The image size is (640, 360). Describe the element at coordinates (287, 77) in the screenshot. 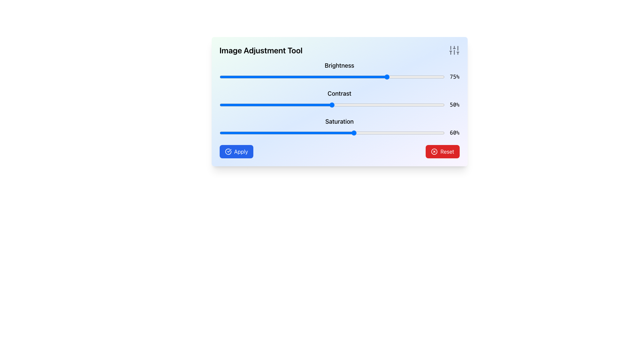

I see `brightness` at that location.